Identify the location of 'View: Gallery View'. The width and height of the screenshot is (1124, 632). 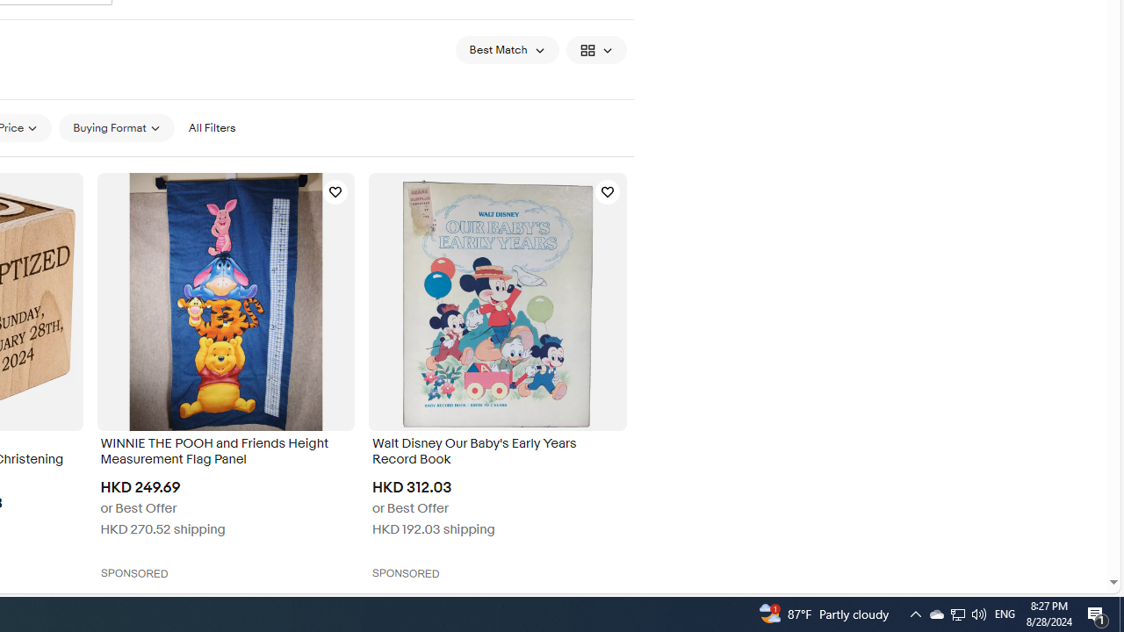
(596, 48).